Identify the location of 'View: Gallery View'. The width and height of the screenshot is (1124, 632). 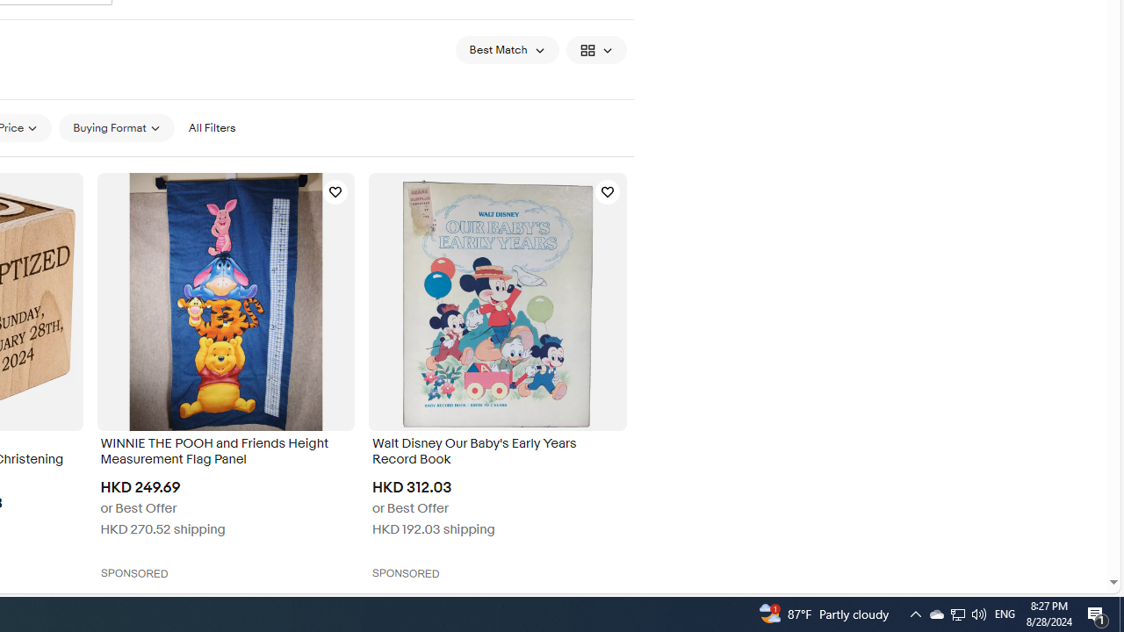
(596, 48).